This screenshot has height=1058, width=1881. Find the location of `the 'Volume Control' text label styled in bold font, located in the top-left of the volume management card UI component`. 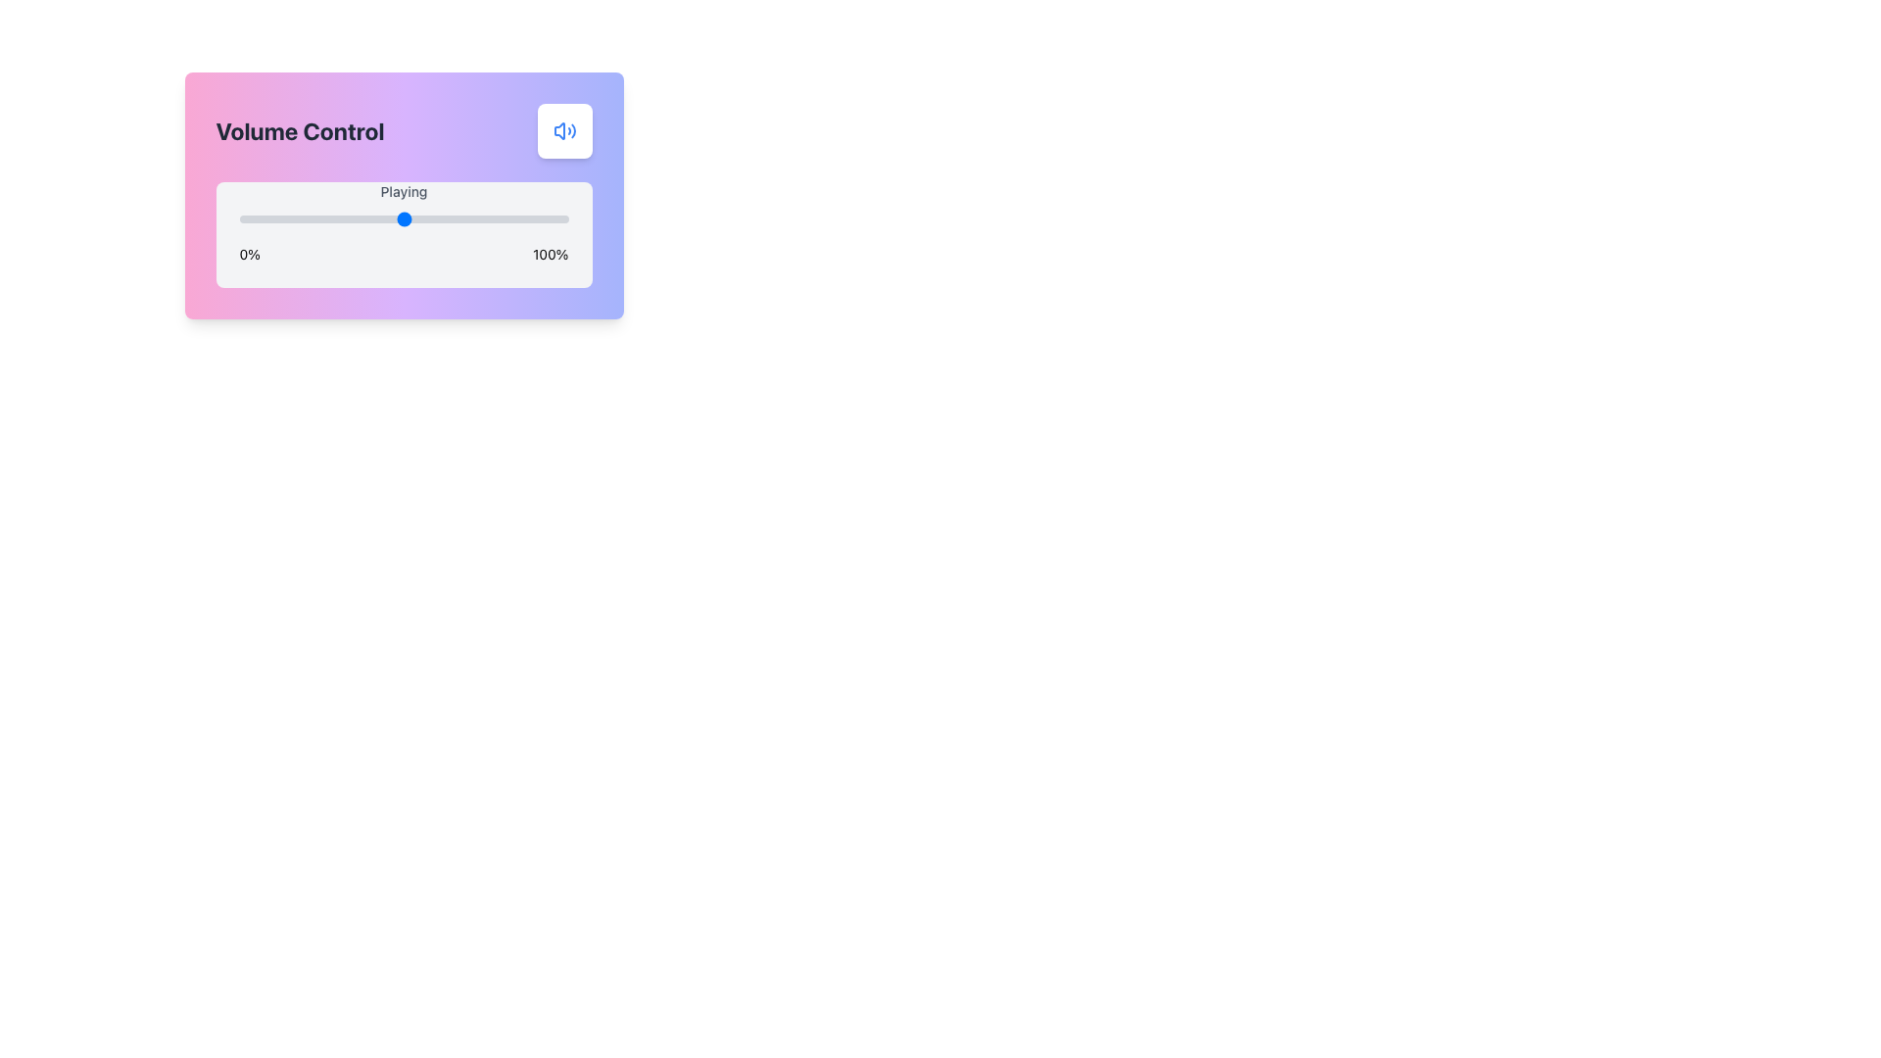

the 'Volume Control' text label styled in bold font, located in the top-left of the volume management card UI component is located at coordinates (299, 131).